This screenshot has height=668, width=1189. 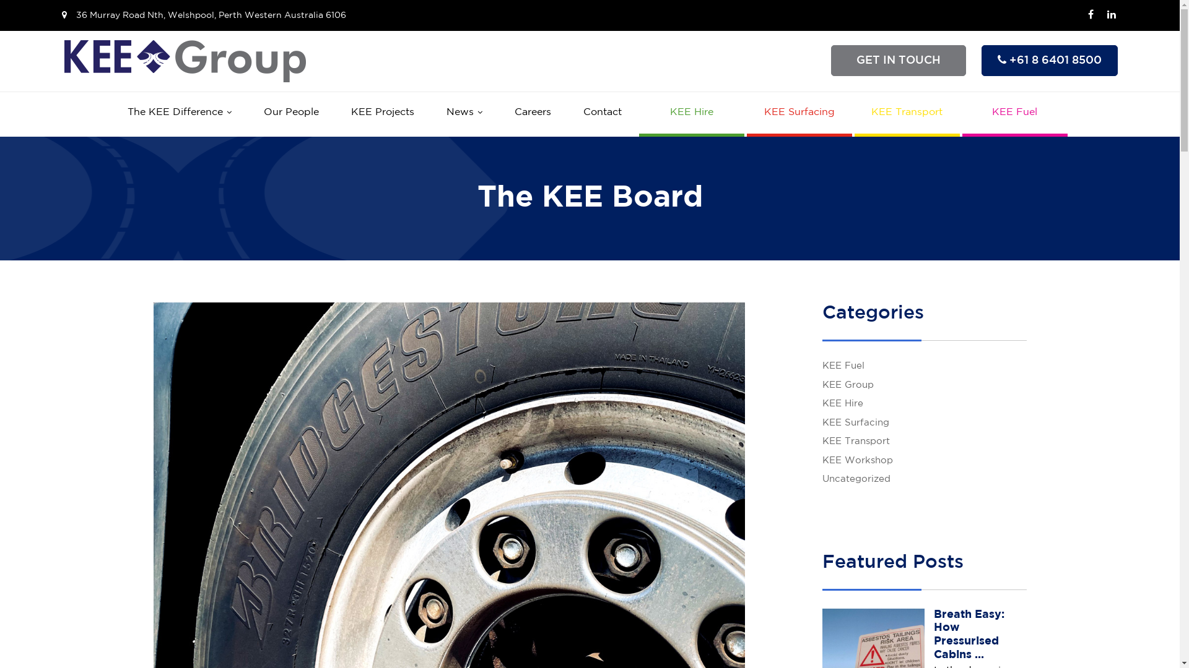 I want to click on 'LinkedIn', so click(x=1112, y=15).